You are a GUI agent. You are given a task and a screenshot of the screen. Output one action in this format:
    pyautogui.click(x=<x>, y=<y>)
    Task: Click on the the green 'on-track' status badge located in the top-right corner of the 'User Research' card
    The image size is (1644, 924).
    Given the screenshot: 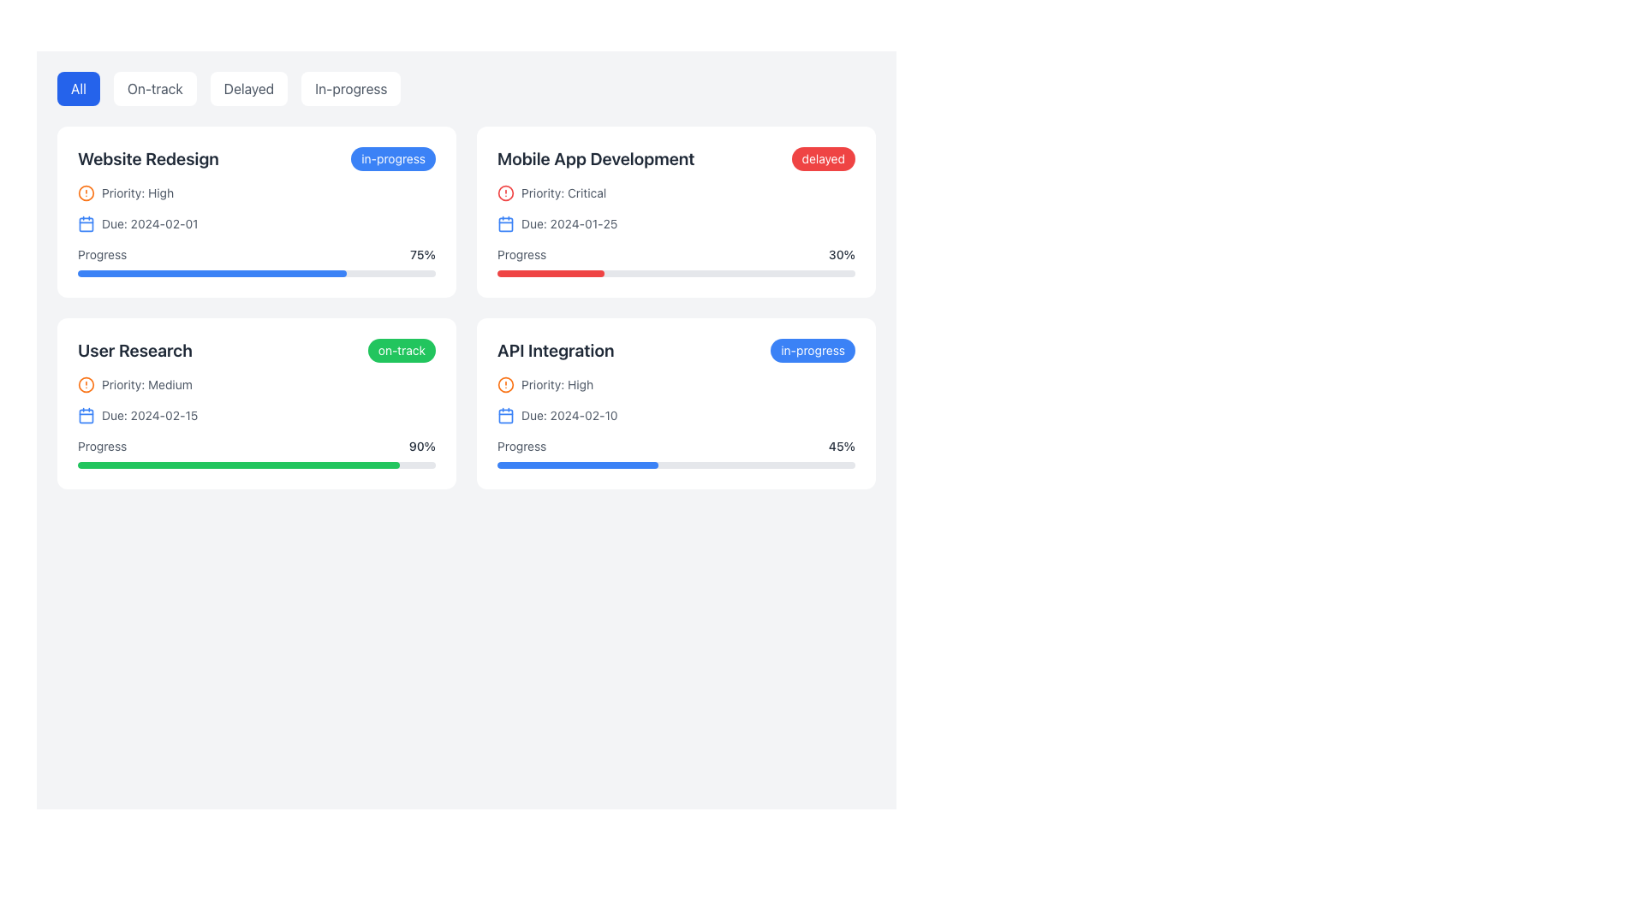 What is the action you would take?
    pyautogui.click(x=401, y=349)
    